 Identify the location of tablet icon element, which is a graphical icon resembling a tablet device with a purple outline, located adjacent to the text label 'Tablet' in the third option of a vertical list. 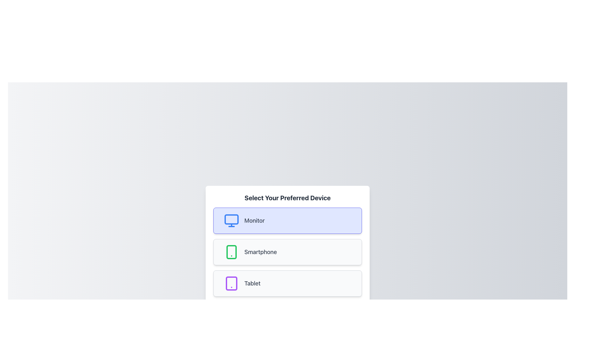
(231, 283).